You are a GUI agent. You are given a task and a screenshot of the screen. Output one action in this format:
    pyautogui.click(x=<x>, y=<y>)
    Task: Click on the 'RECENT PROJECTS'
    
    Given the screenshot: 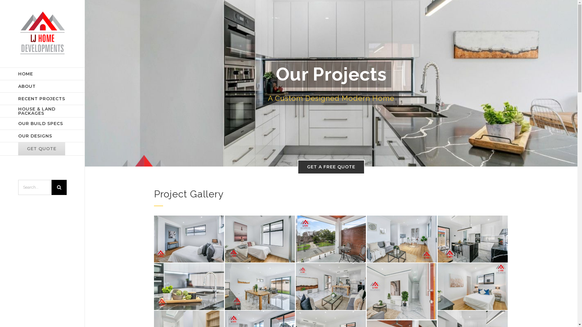 What is the action you would take?
    pyautogui.click(x=42, y=98)
    